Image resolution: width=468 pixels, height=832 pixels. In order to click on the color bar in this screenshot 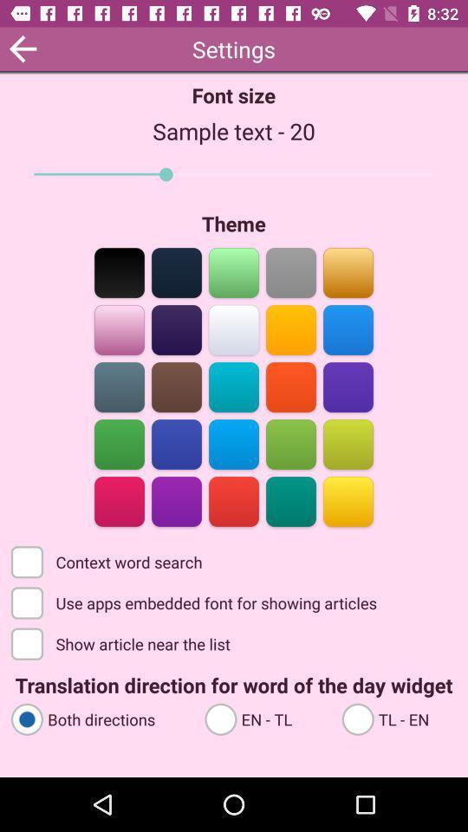, I will do `click(348, 386)`.